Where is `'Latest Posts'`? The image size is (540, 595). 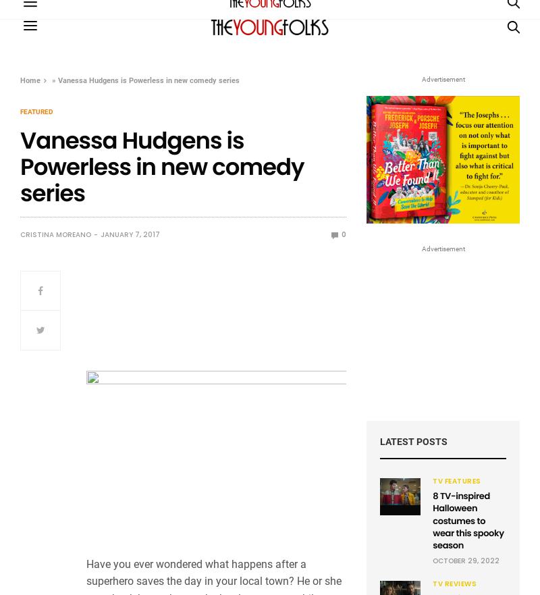 'Latest Posts' is located at coordinates (379, 440).